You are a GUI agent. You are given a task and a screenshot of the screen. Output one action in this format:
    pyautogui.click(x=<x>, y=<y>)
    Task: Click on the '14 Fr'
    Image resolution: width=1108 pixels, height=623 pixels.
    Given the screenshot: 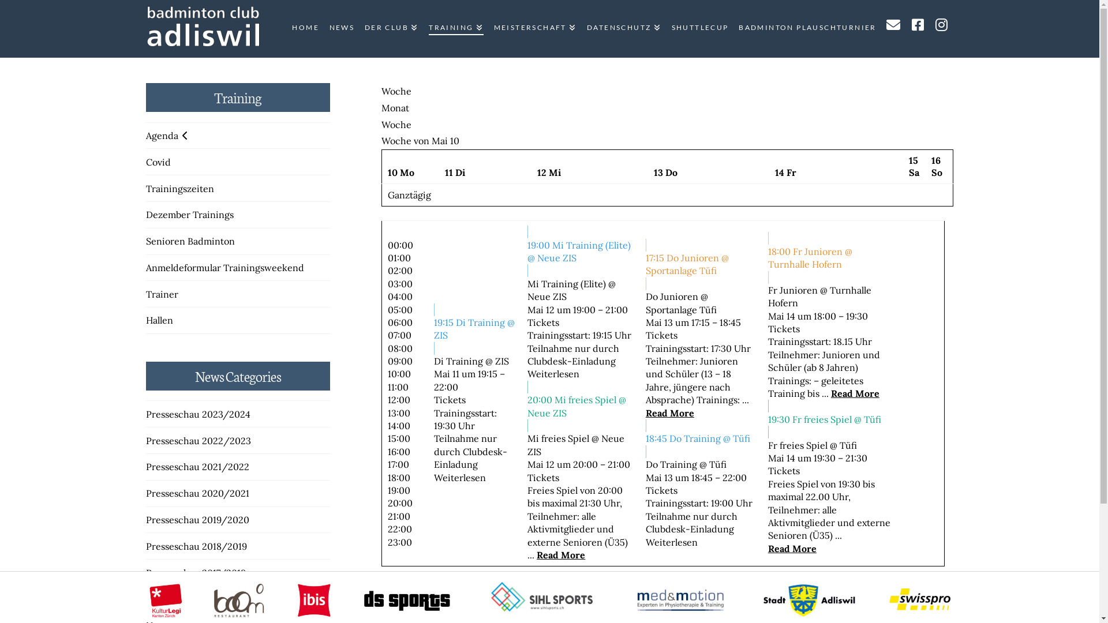 What is the action you would take?
    pyautogui.click(x=785, y=172)
    